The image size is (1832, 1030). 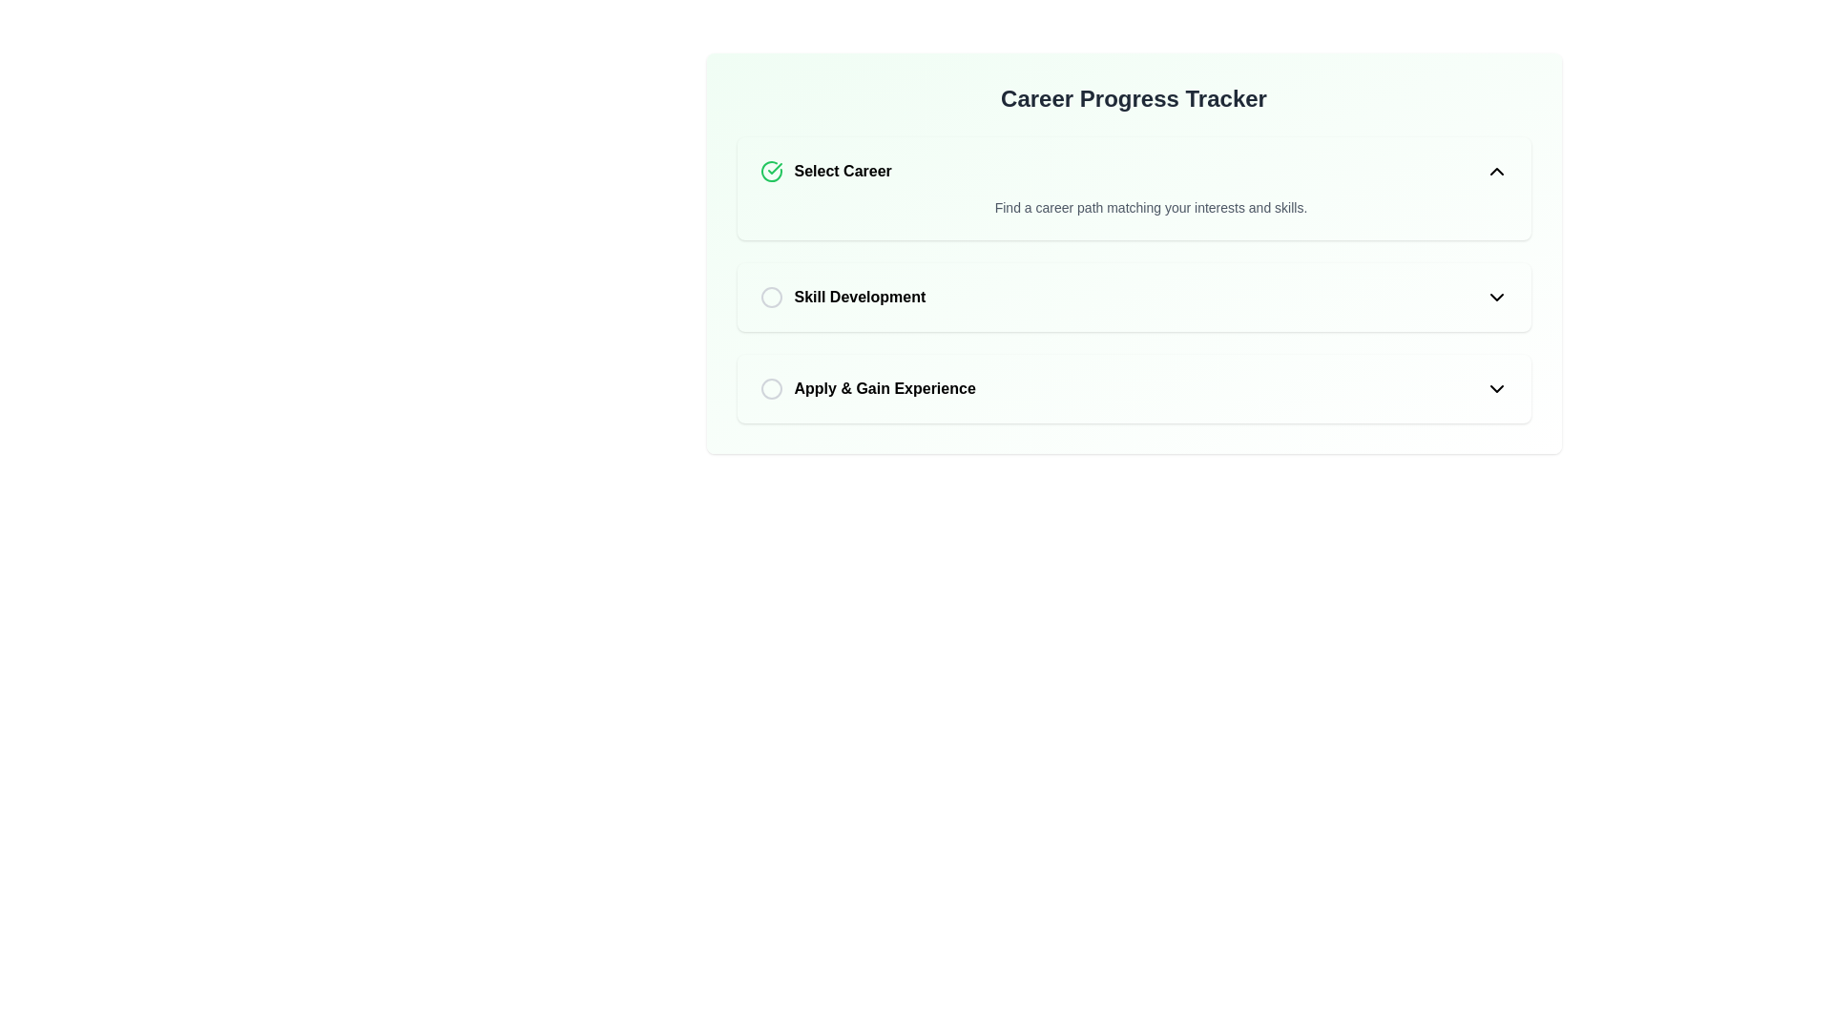 I want to click on the status indicator styled as a circle for the 'Skill Development' step, which is currently inactive or unselected, so click(x=771, y=298).